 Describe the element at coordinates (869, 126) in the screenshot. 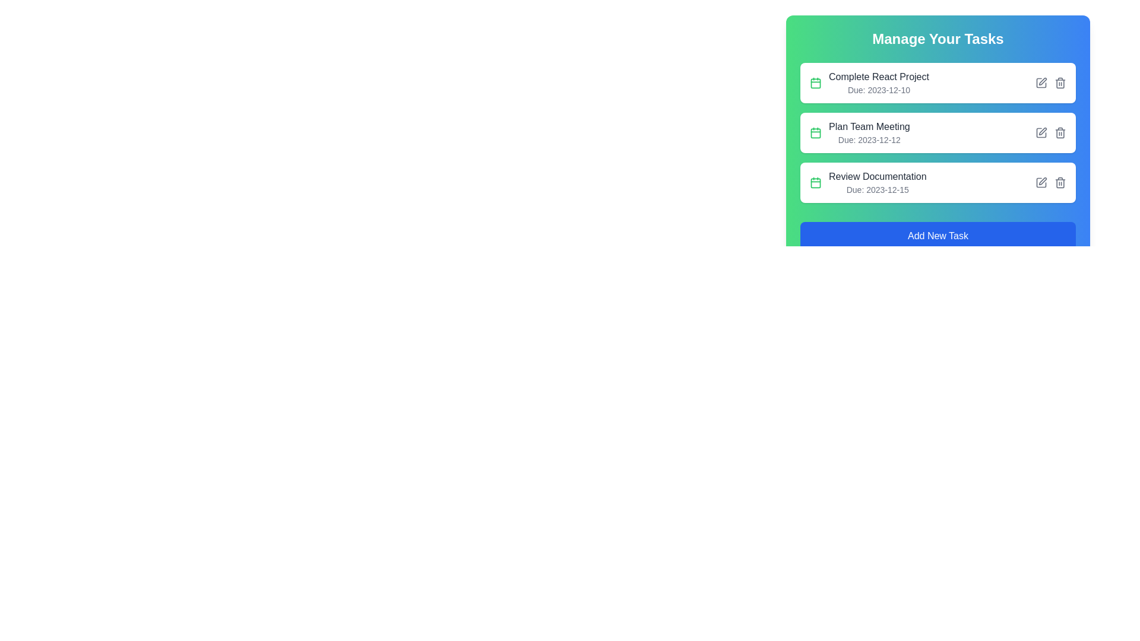

I see `the text label that identifies the task labeled 'Plan Team Meeting', which is the first line of text in the second task entry of a vertical list of tasks` at that location.